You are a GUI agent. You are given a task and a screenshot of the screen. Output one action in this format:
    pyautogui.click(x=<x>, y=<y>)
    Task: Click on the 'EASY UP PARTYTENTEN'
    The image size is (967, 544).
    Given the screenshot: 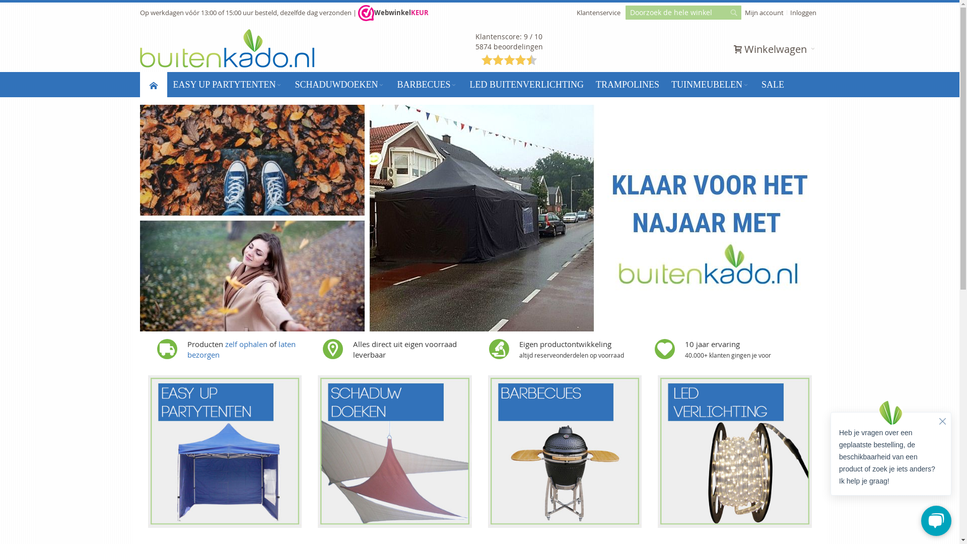 What is the action you would take?
    pyautogui.click(x=227, y=84)
    